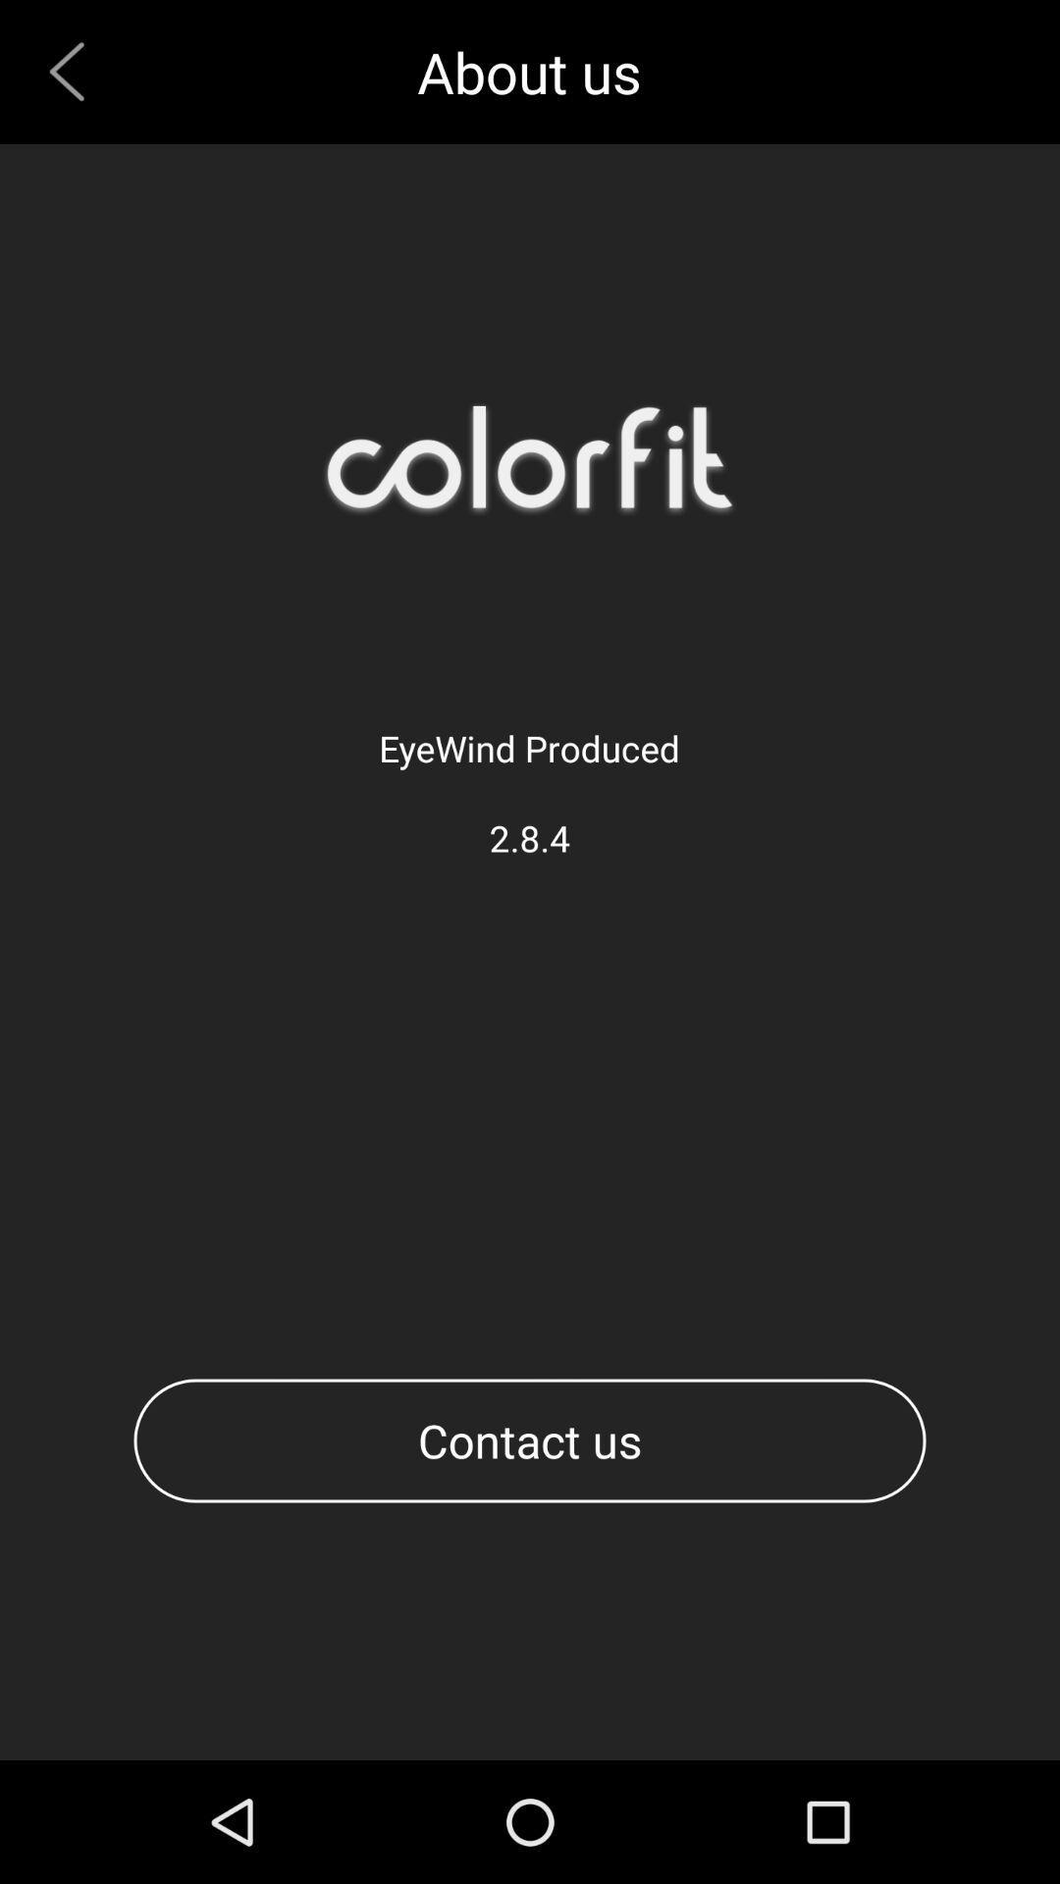  What do you see at coordinates (74, 72) in the screenshot?
I see `the icon above contact us` at bounding box center [74, 72].